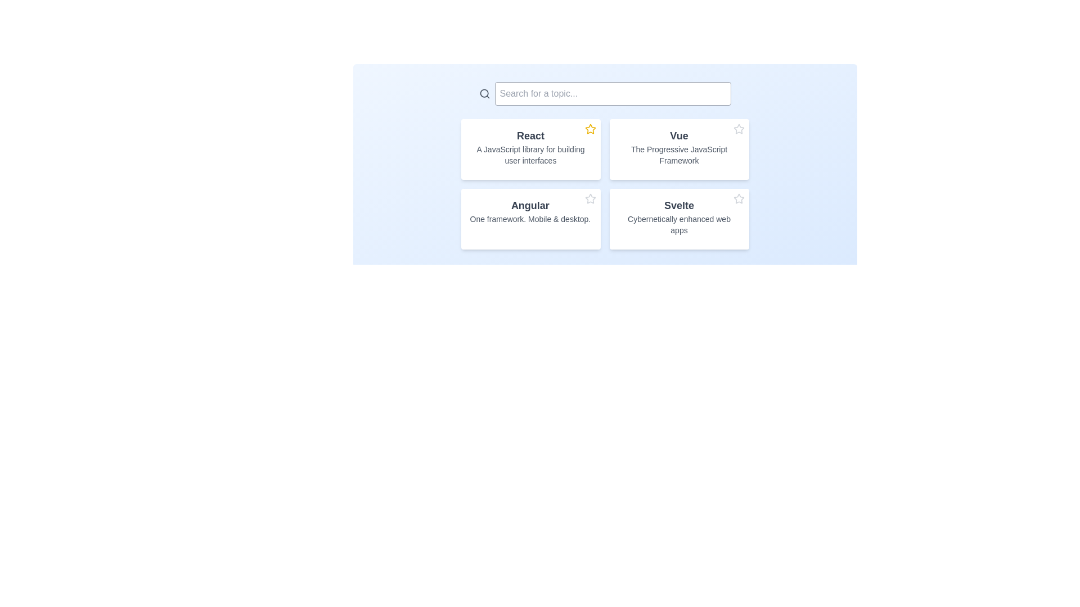 The width and height of the screenshot is (1080, 607). What do you see at coordinates (678, 219) in the screenshot?
I see `the 'Svelte' card text` at bounding box center [678, 219].